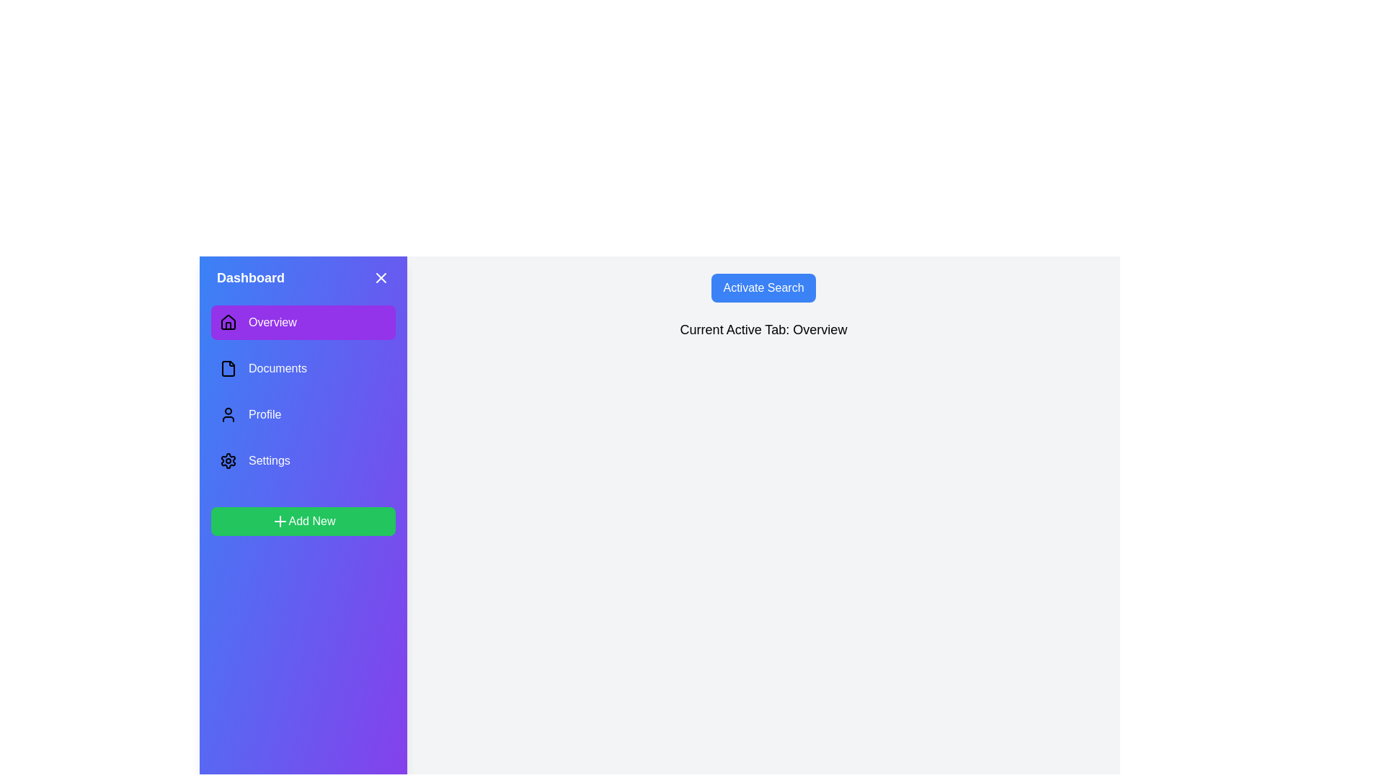 This screenshot has height=778, width=1384. What do you see at coordinates (303, 461) in the screenshot?
I see `the navigation button located as the fourth item in the vertical list of menu options in the left navigation bar` at bounding box center [303, 461].